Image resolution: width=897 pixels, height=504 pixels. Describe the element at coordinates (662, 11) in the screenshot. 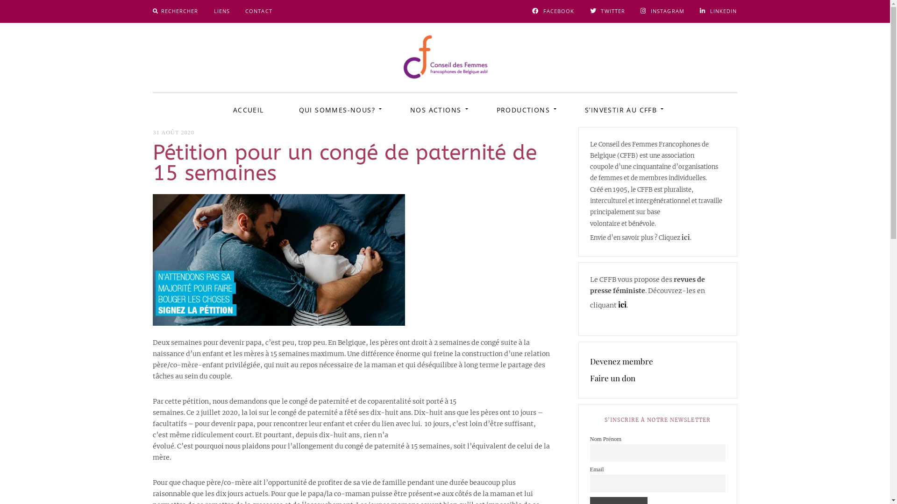

I see `'INSTAGRAM'` at that location.